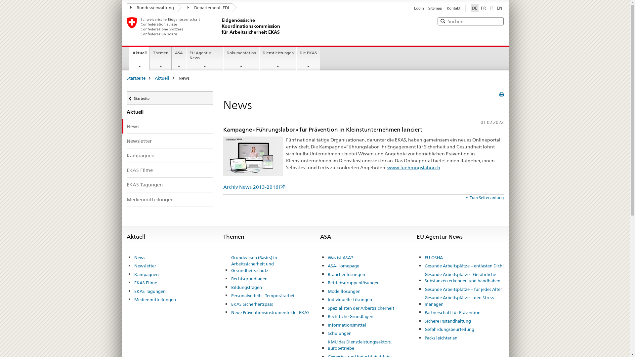 The width and height of the screenshot is (635, 357). I want to click on 'EN', so click(499, 8).